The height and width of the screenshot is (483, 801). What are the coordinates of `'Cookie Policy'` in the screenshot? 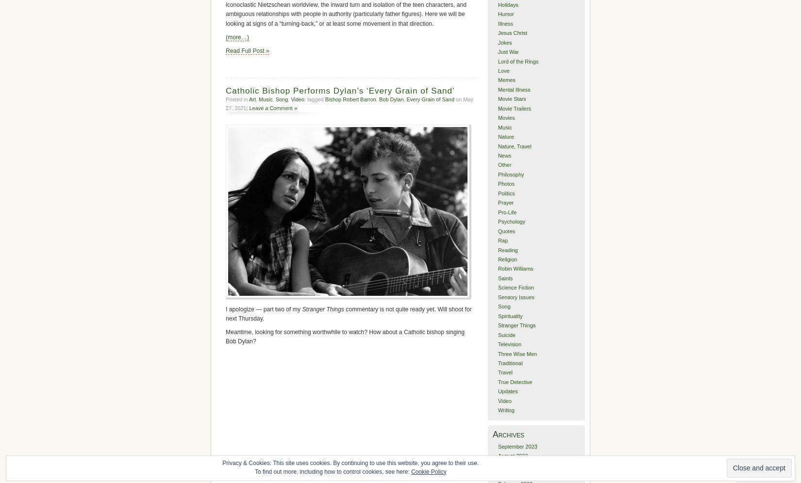 It's located at (429, 470).